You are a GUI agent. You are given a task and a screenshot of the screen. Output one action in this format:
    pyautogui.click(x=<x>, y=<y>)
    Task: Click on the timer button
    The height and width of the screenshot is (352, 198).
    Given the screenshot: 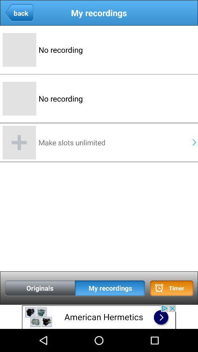 What is the action you would take?
    pyautogui.click(x=172, y=288)
    